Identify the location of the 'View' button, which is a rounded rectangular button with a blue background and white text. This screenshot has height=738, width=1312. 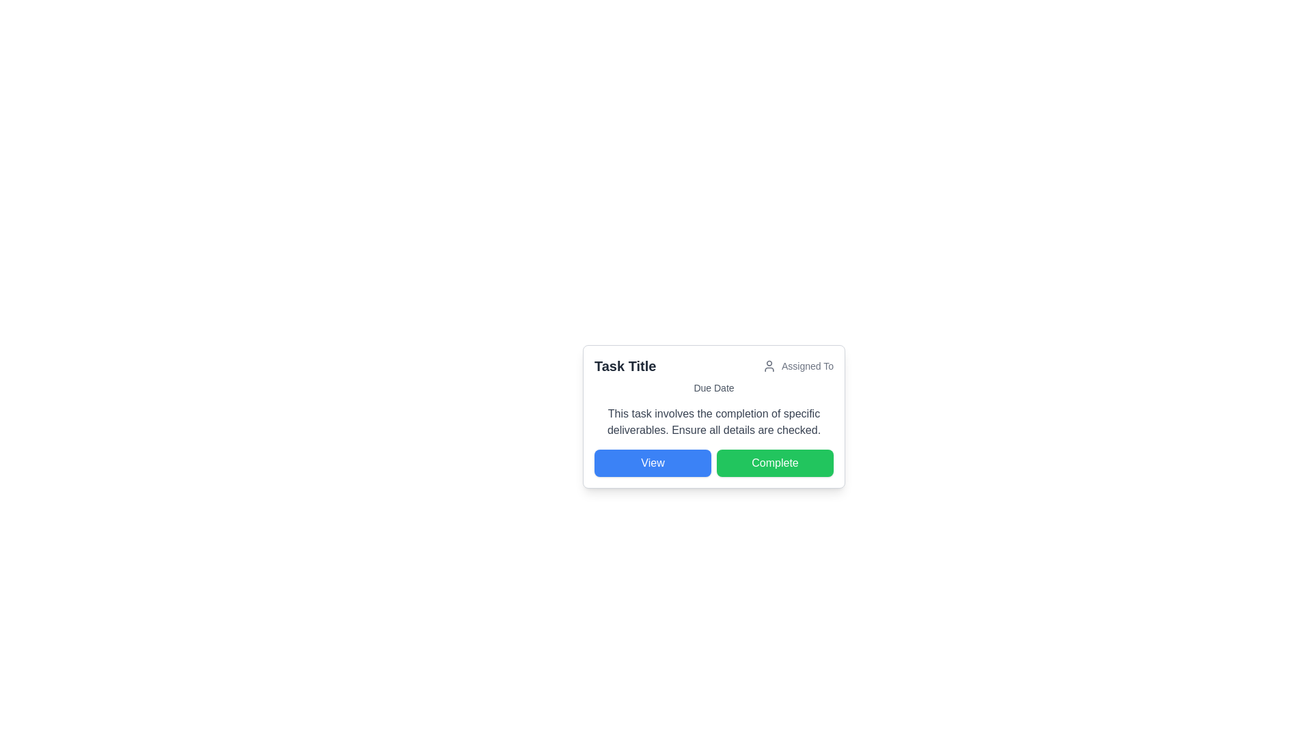
(652, 463).